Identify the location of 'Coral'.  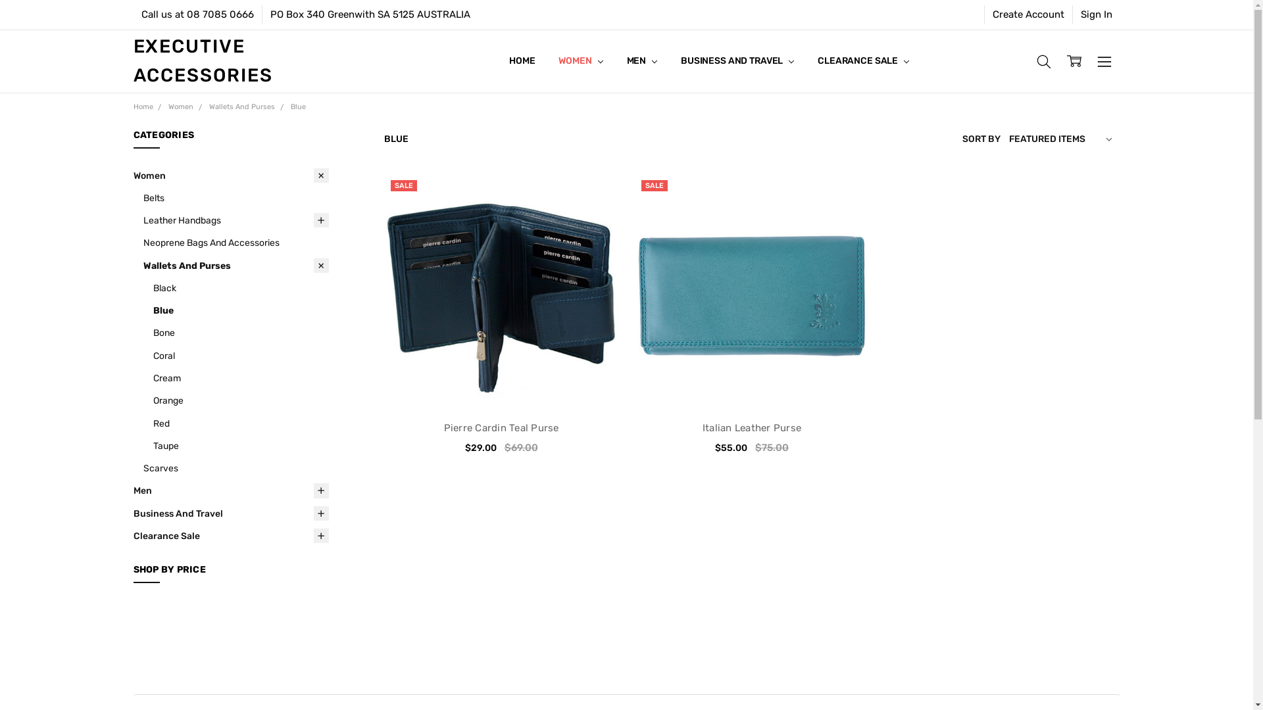
(240, 355).